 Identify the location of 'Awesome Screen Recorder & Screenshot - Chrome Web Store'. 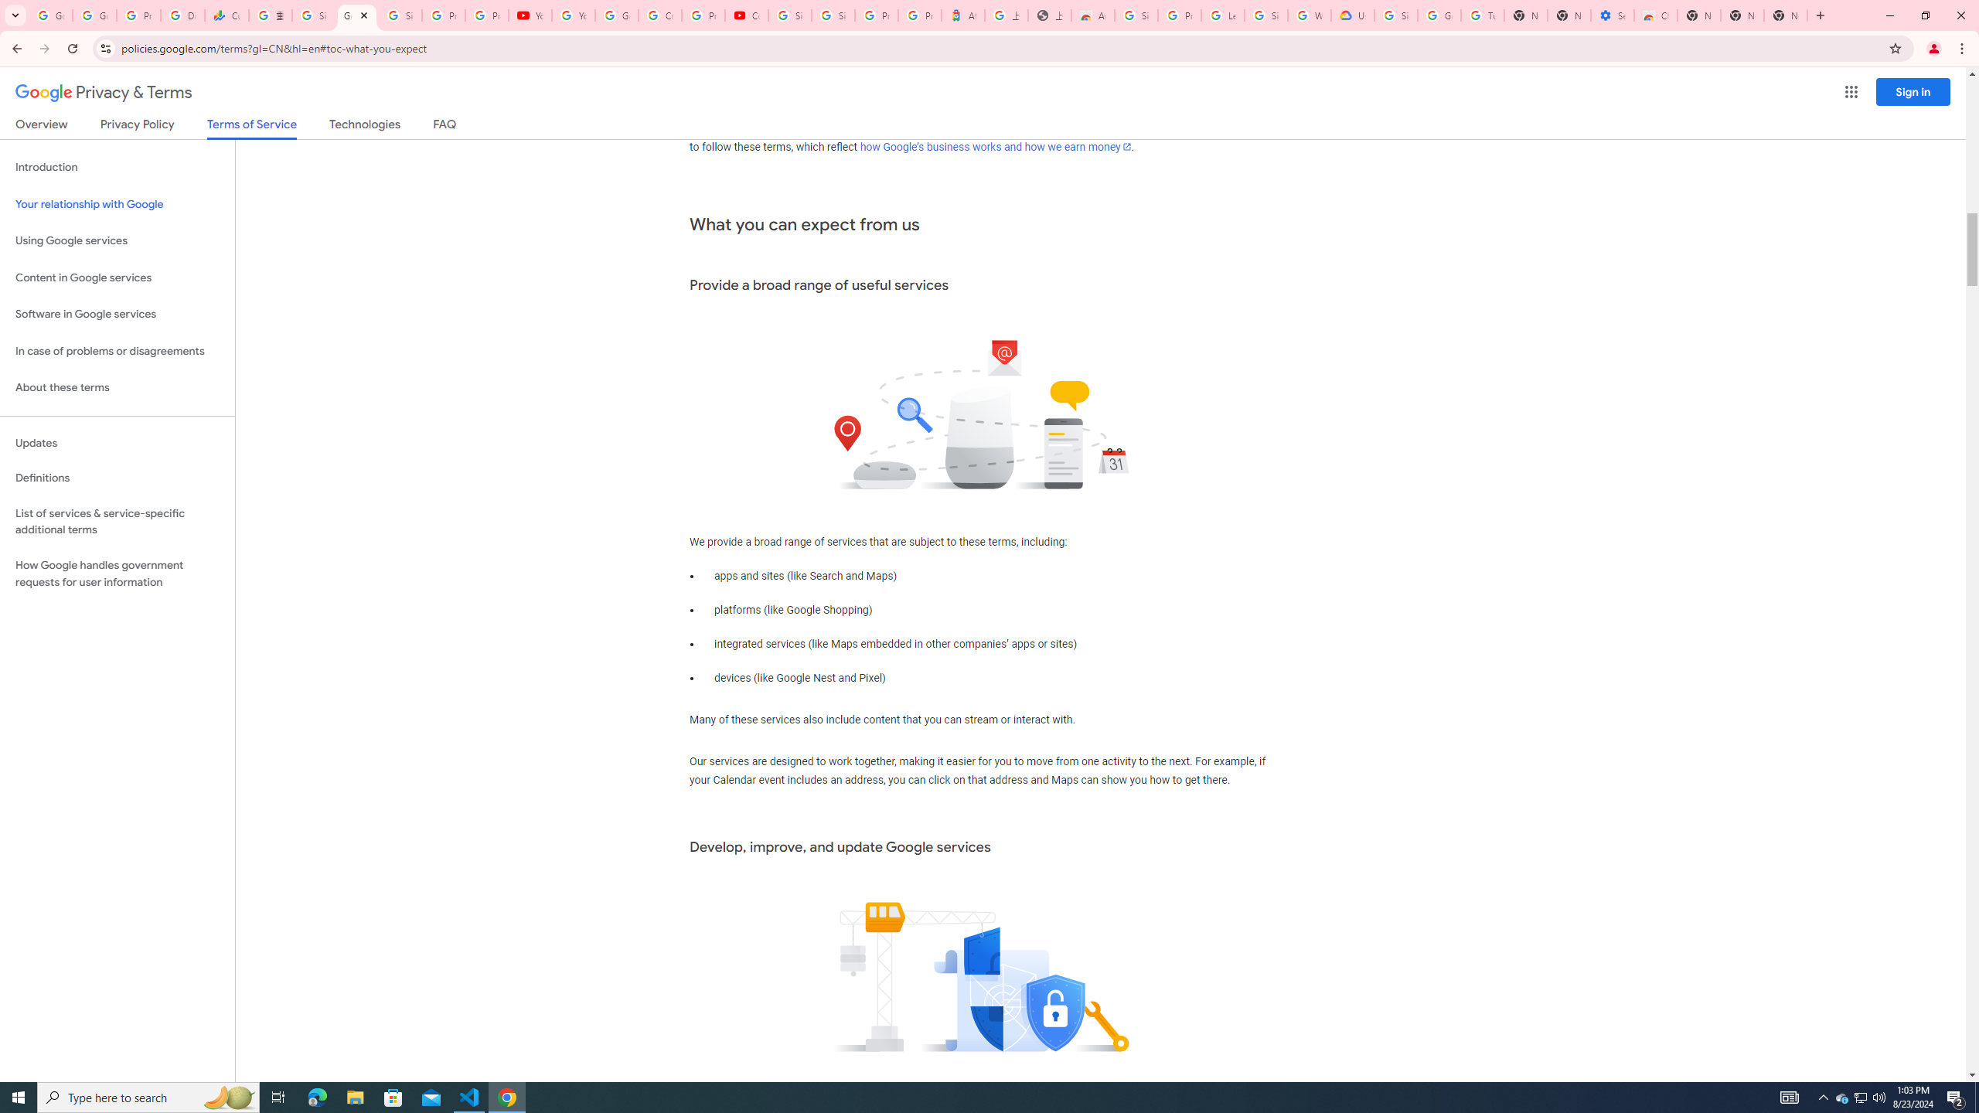
(1093, 15).